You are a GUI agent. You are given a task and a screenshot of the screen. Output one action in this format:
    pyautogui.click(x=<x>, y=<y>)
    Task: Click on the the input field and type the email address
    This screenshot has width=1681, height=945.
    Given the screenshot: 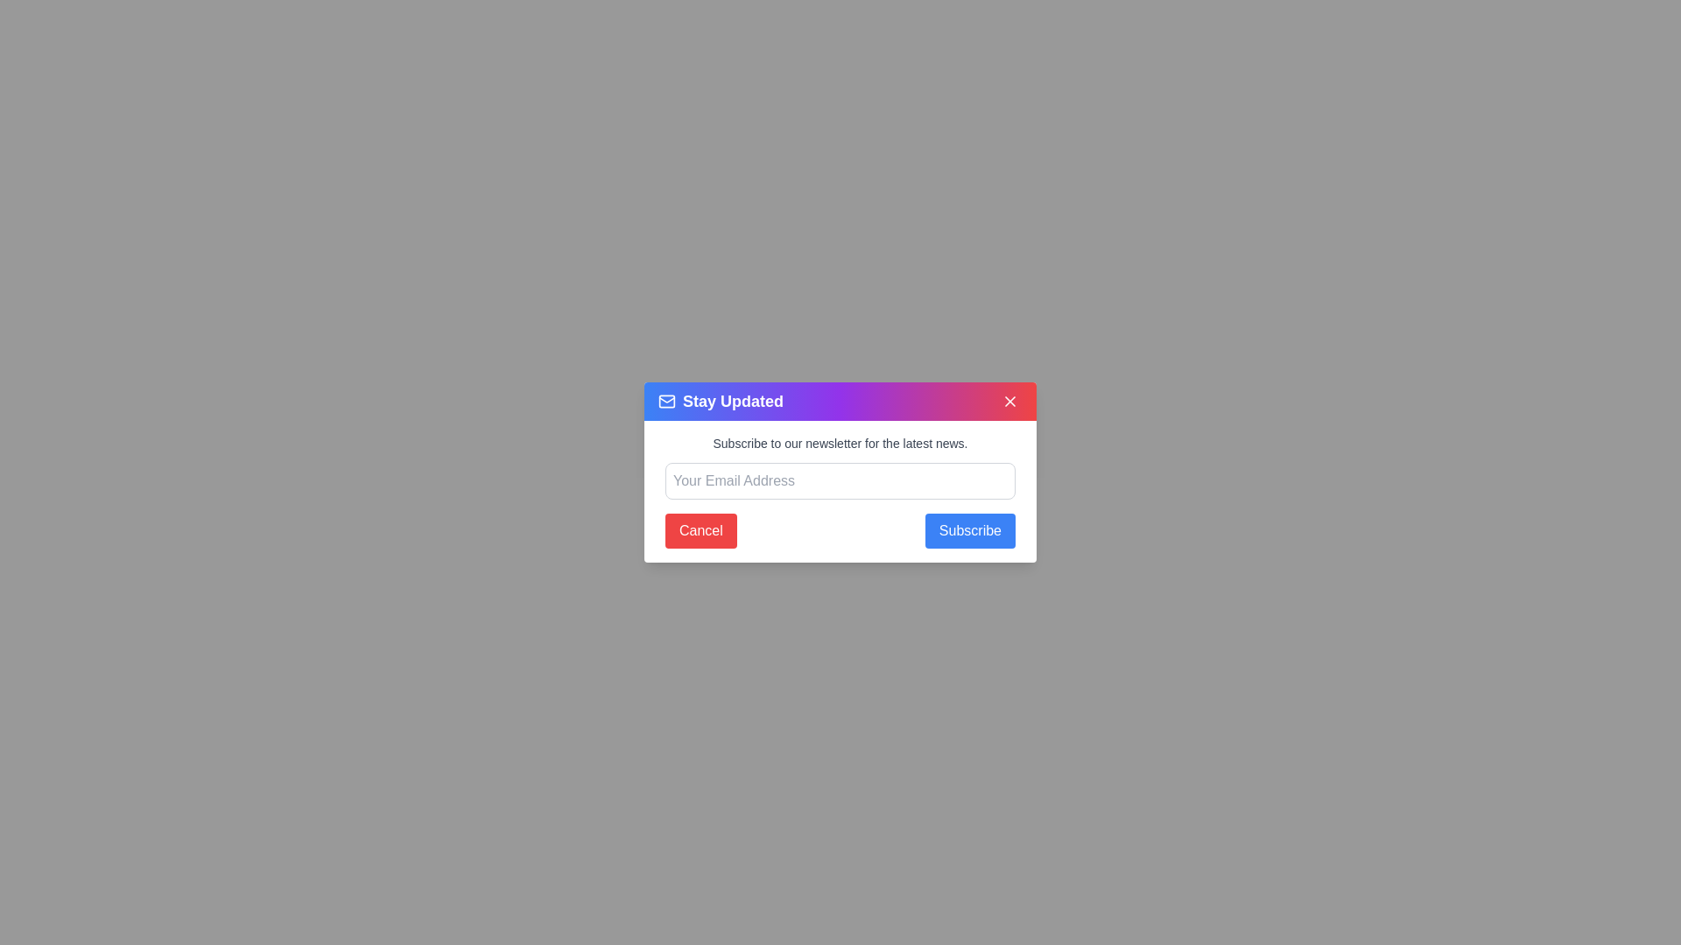 What is the action you would take?
    pyautogui.click(x=840, y=481)
    